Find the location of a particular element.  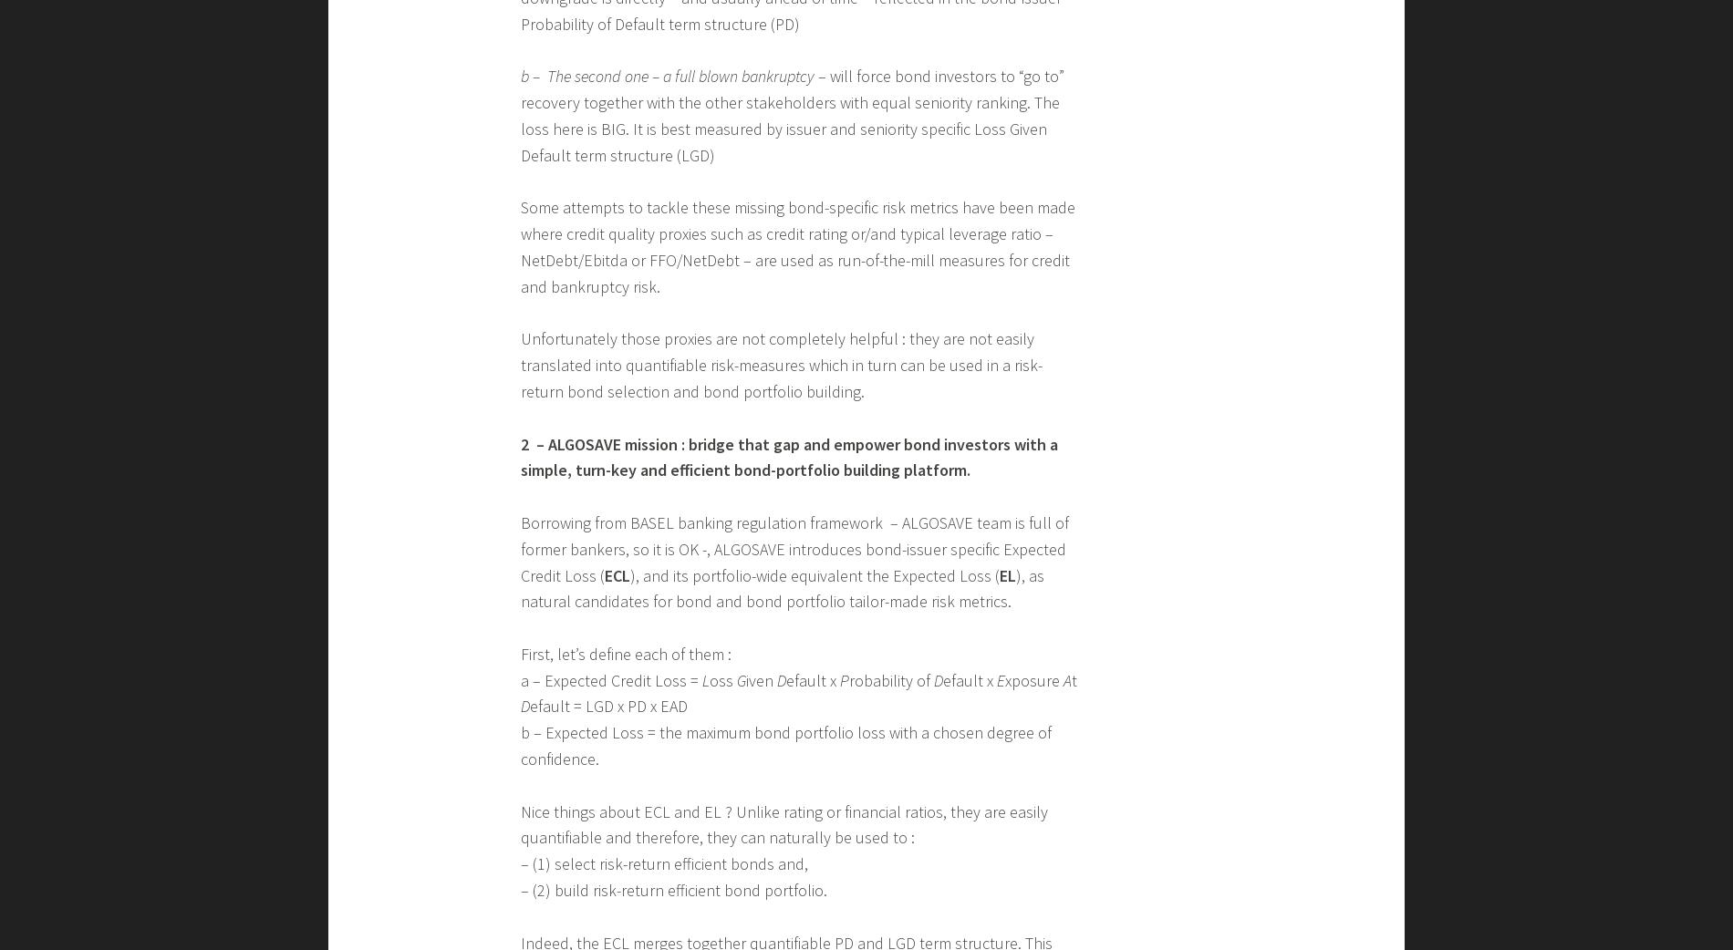

'E' is located at coordinates (1001, 678).